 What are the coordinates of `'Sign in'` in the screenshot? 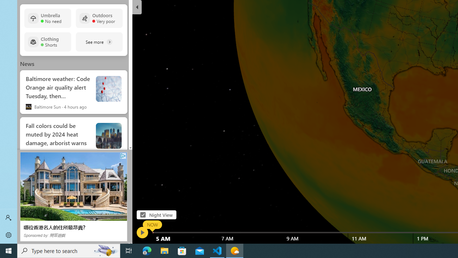 It's located at (9, 218).